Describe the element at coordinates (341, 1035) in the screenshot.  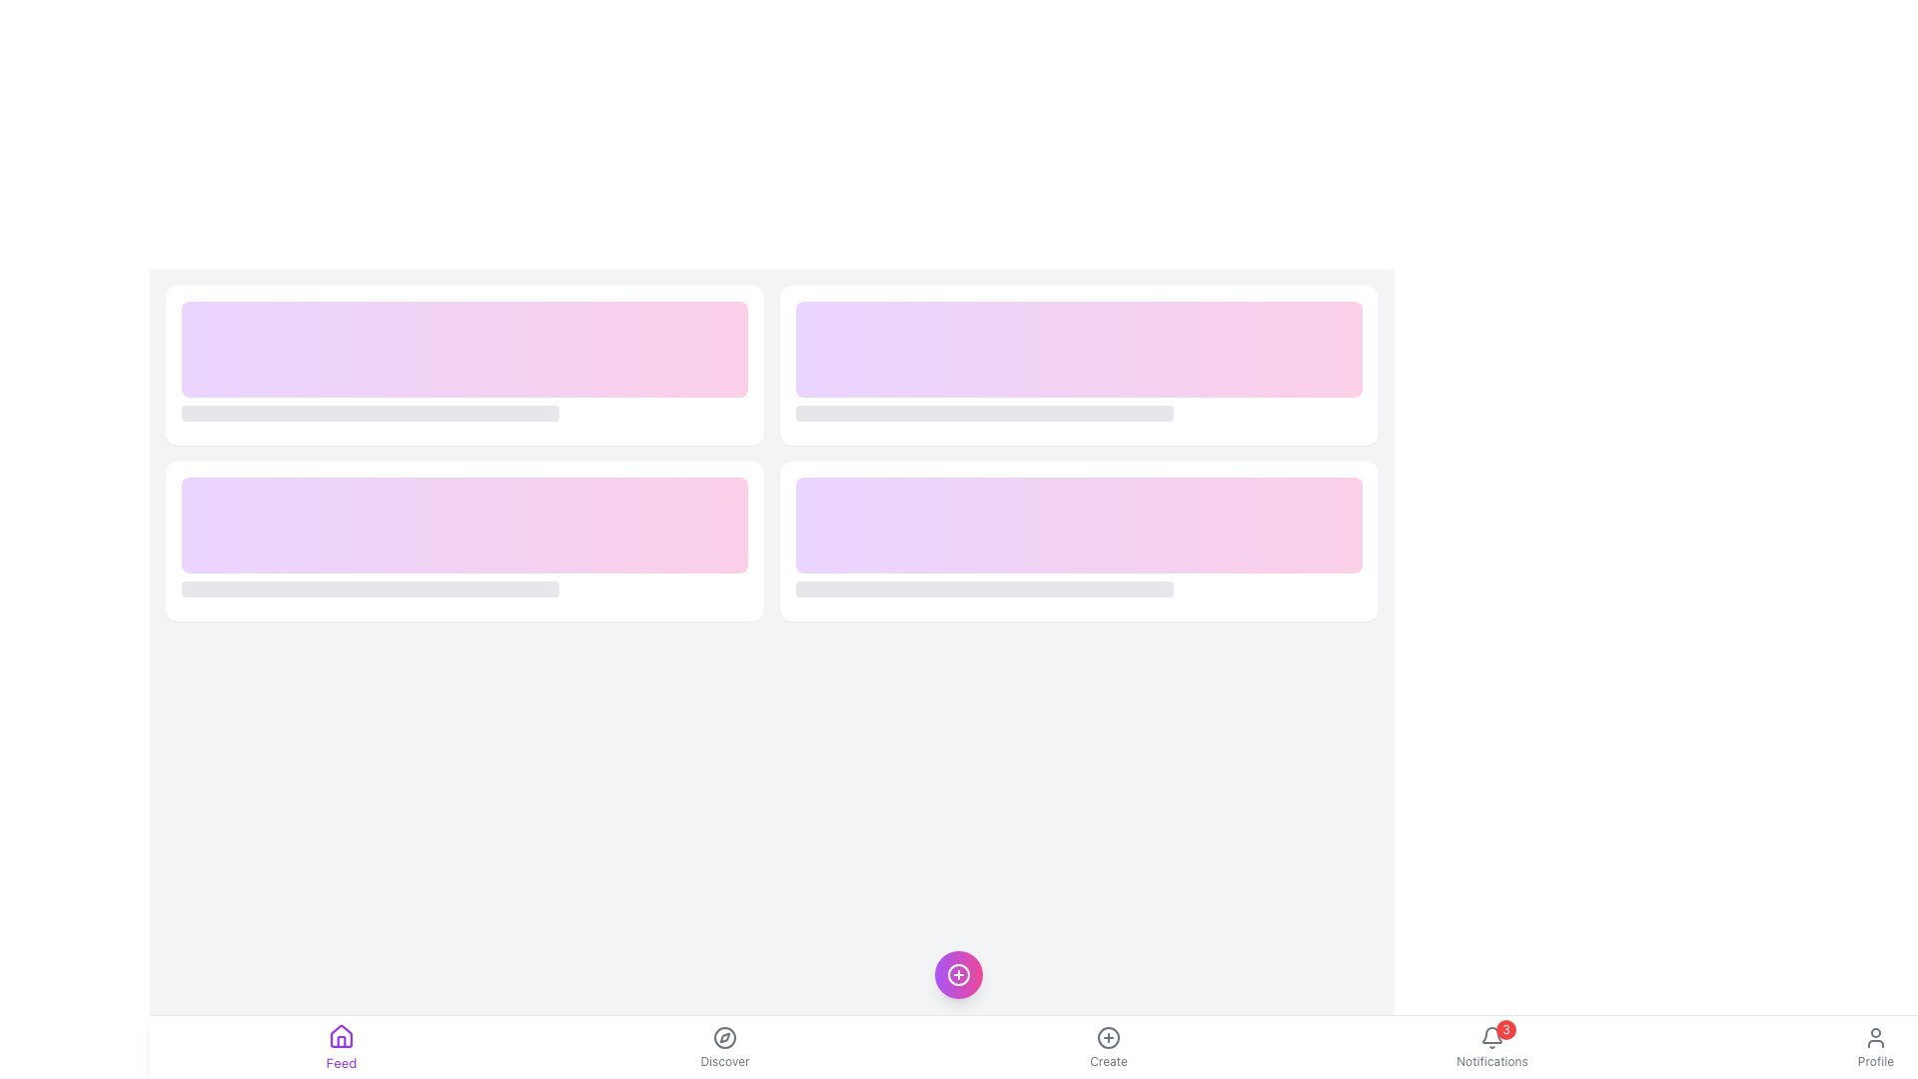
I see `the house-shaped icon with a purple outline in the bottom navigation bar` at that location.